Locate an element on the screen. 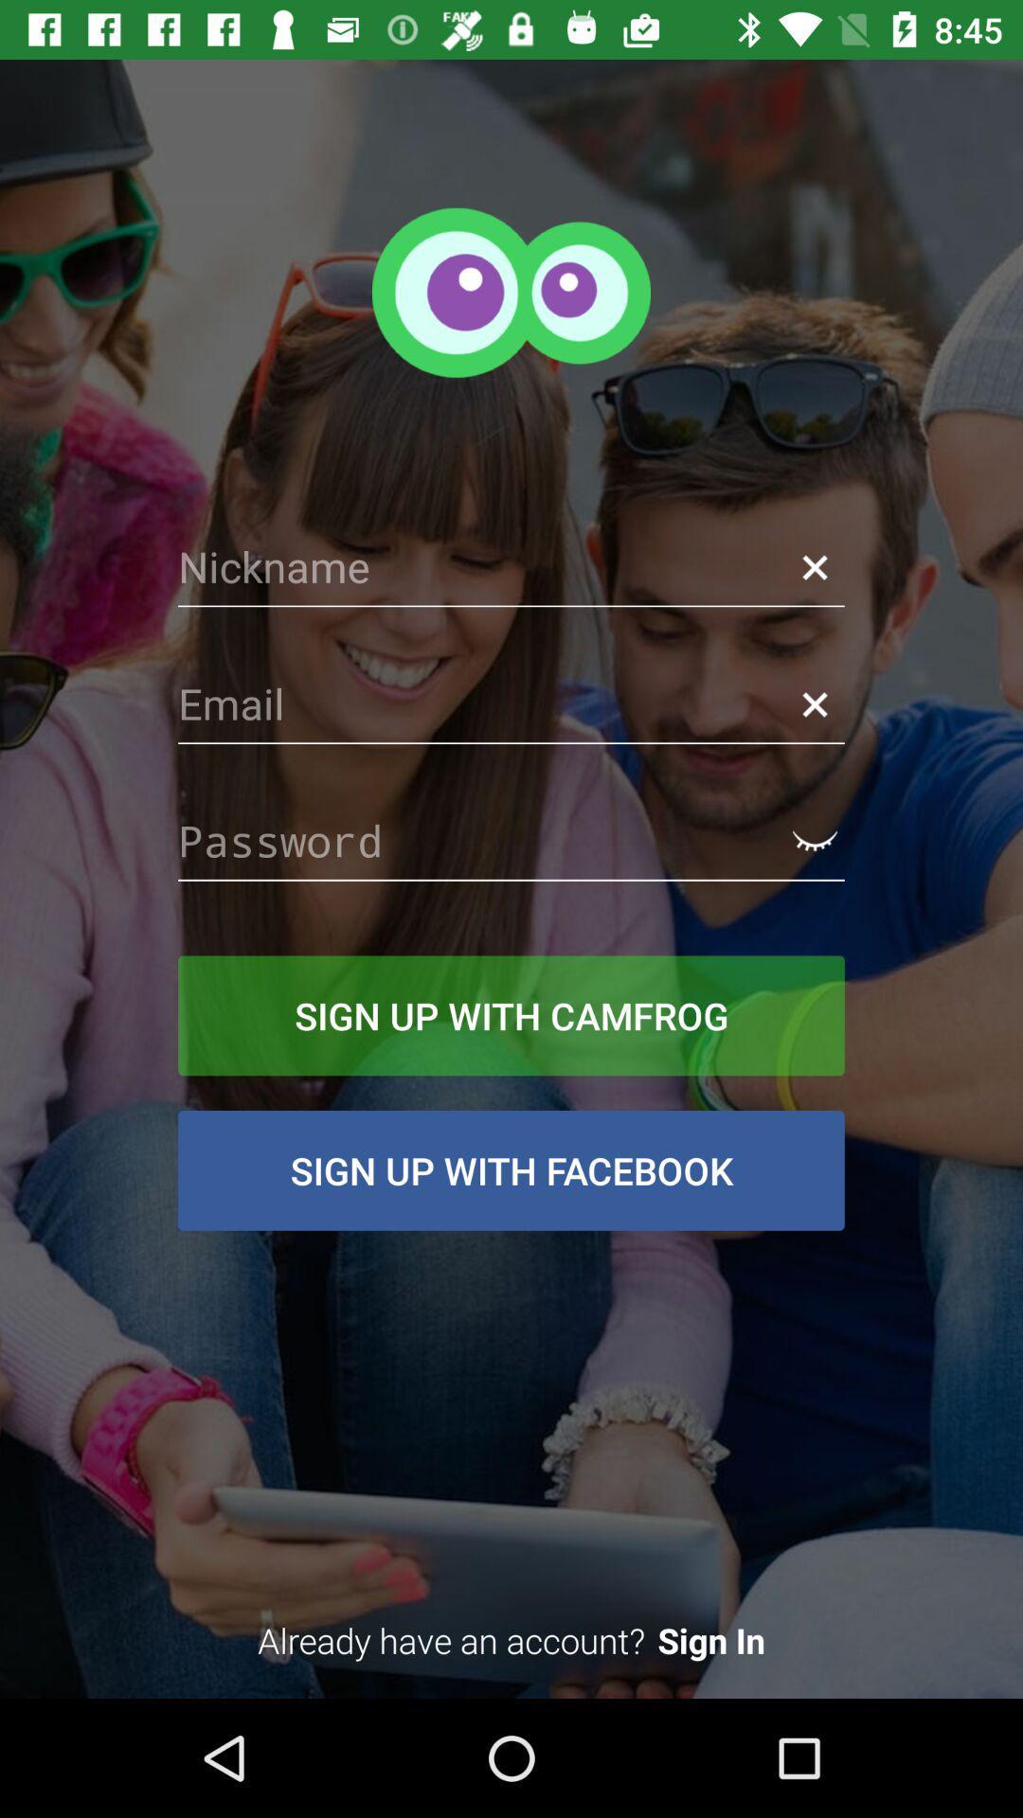  delete nickname is located at coordinates (814, 566).